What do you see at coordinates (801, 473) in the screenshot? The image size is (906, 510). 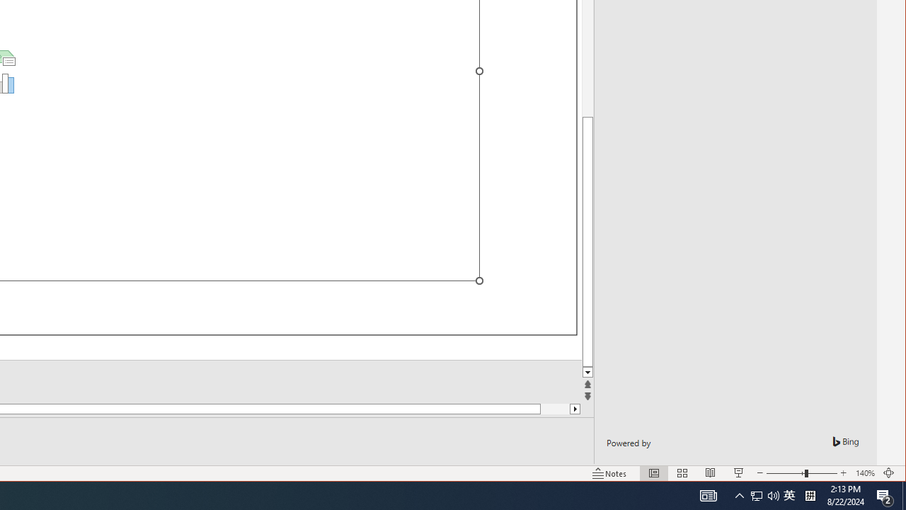 I see `'Zoom'` at bounding box center [801, 473].